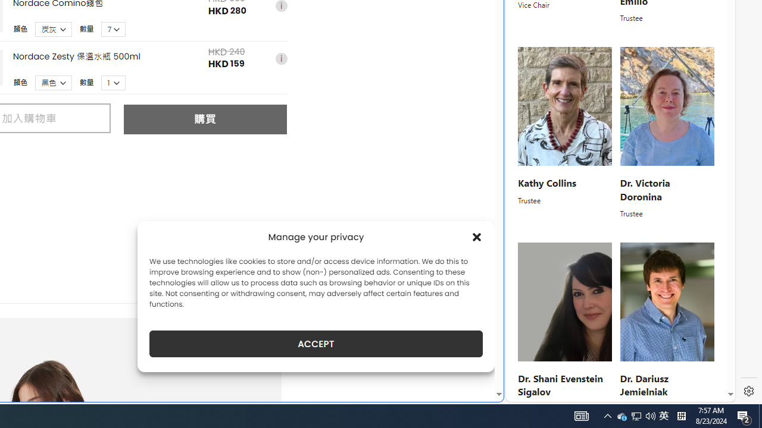 This screenshot has height=428, width=762. What do you see at coordinates (477, 237) in the screenshot?
I see `'Class: cmplz-close'` at bounding box center [477, 237].